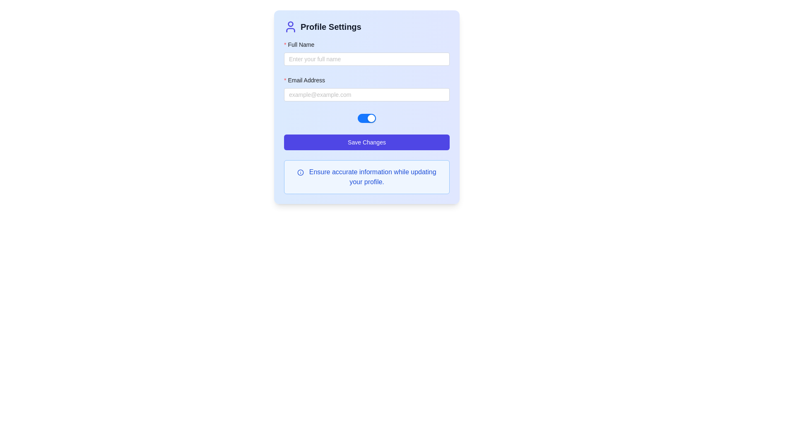  Describe the element at coordinates (307, 80) in the screenshot. I see `the 'Email Address' label element, which is indicated by a bold text and a red asterisk, located above the email input field` at that location.